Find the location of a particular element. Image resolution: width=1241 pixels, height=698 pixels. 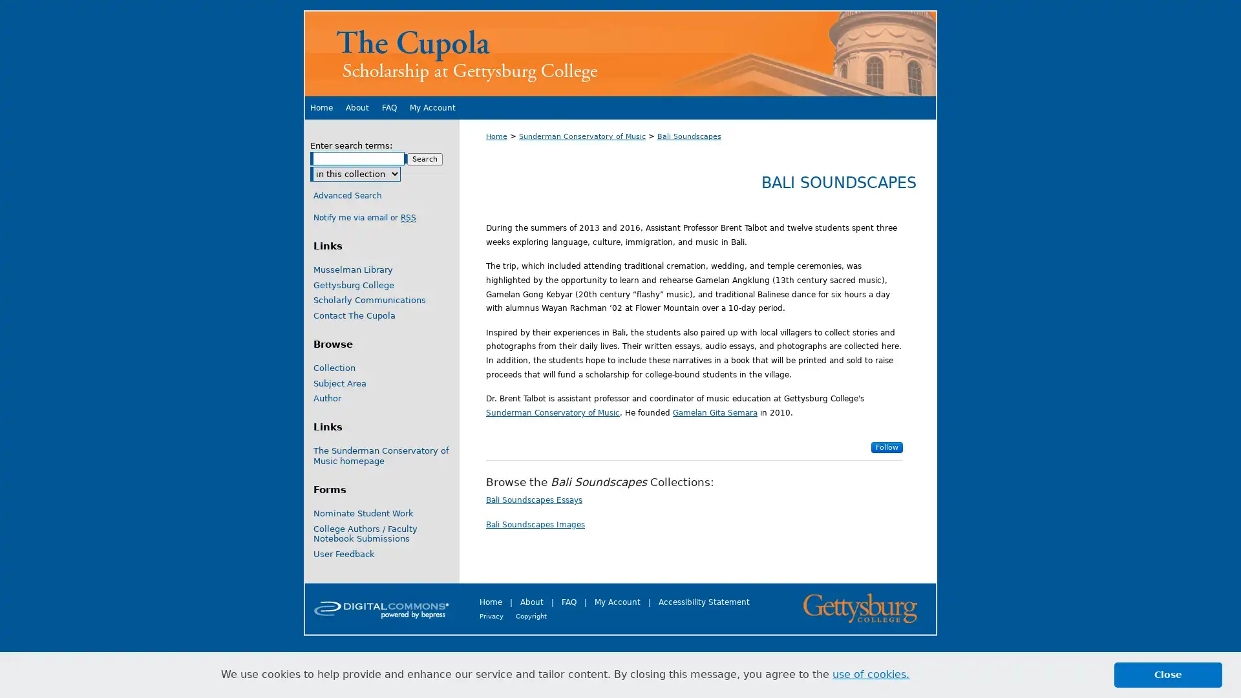

learn more about cookies is located at coordinates (871, 674).